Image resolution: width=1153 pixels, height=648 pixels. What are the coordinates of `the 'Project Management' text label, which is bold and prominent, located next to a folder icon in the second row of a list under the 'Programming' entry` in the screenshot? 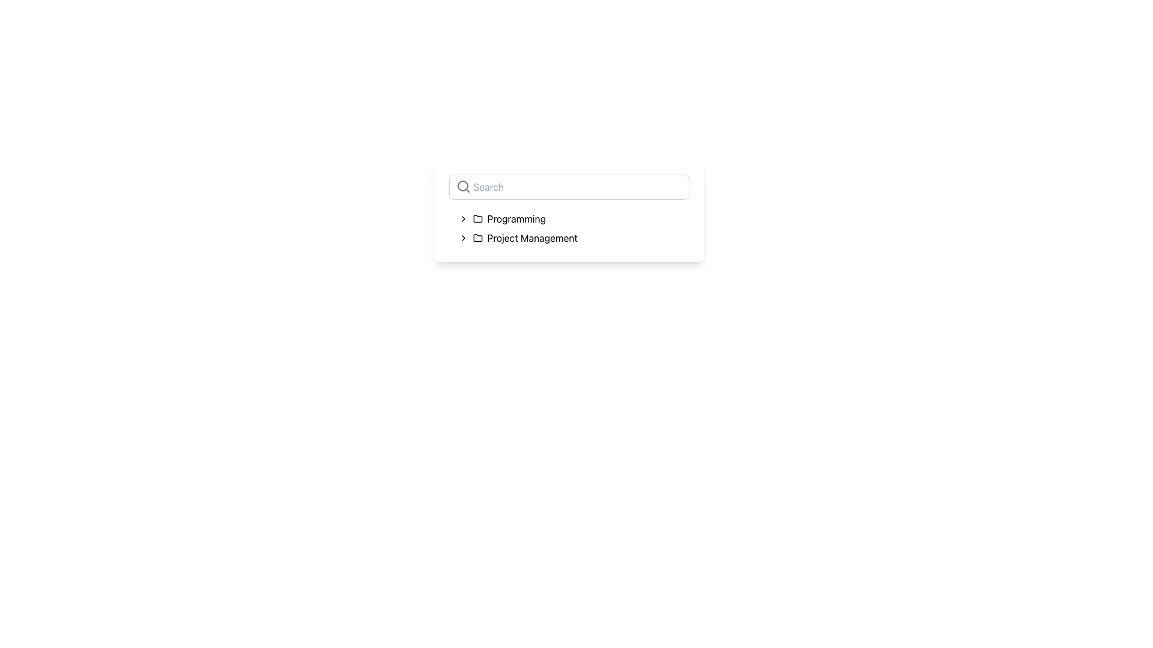 It's located at (531, 238).